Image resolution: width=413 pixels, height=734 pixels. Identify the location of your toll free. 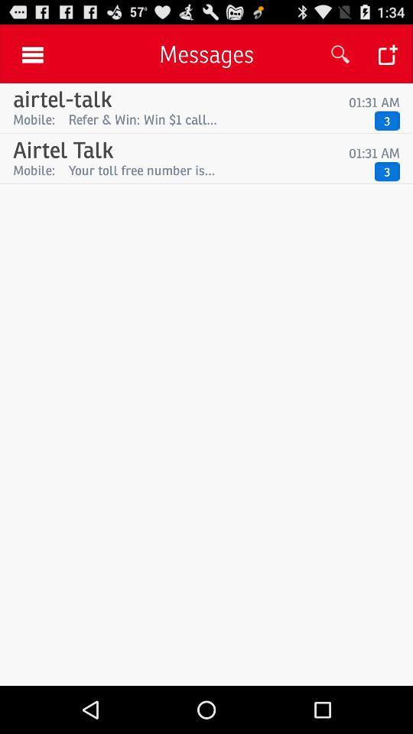
(217, 170).